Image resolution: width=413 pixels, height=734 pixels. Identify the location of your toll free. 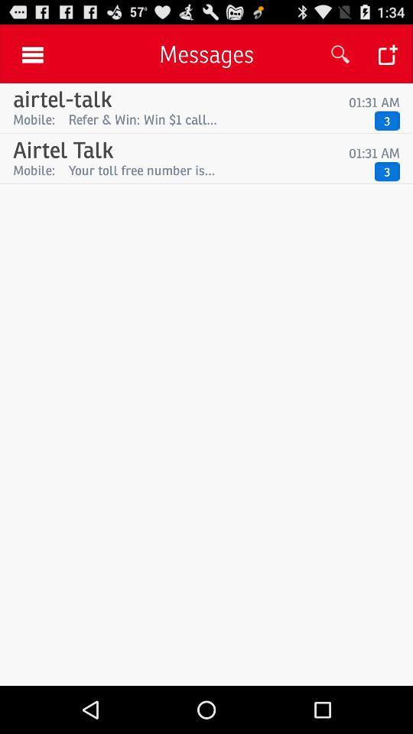
(217, 170).